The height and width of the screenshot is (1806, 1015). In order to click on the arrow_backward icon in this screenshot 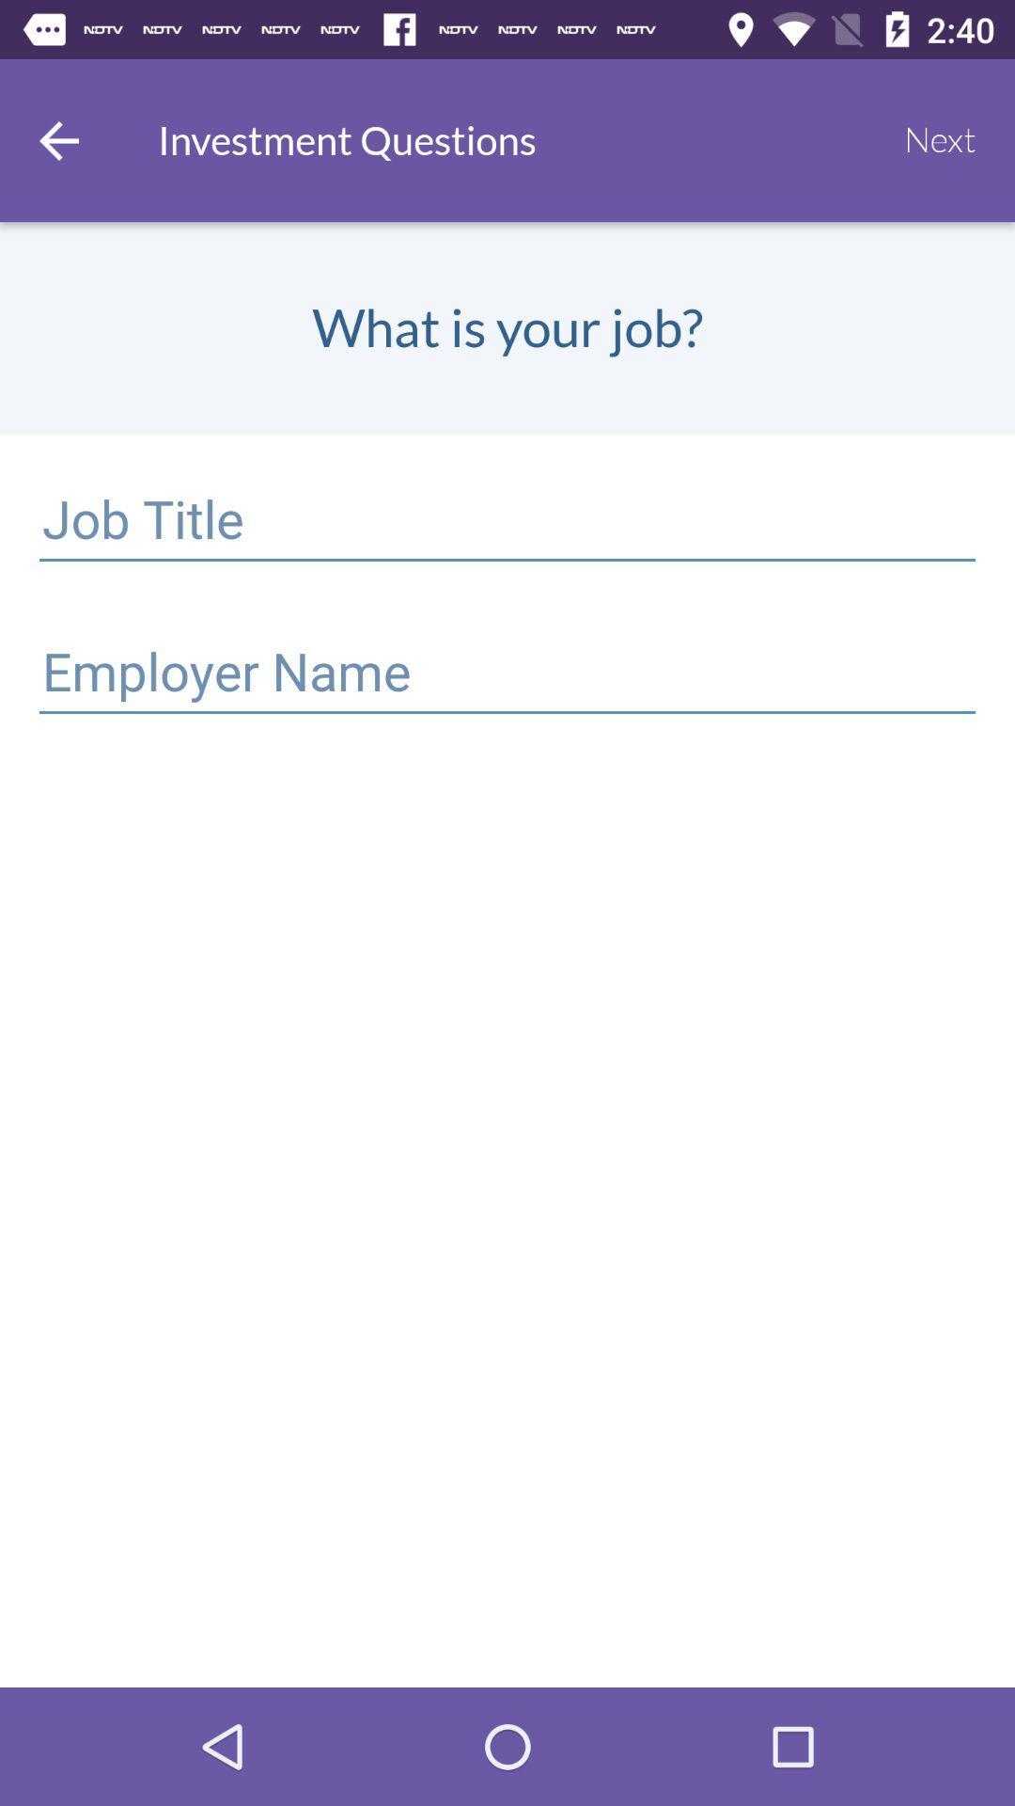, I will do `click(57, 139)`.